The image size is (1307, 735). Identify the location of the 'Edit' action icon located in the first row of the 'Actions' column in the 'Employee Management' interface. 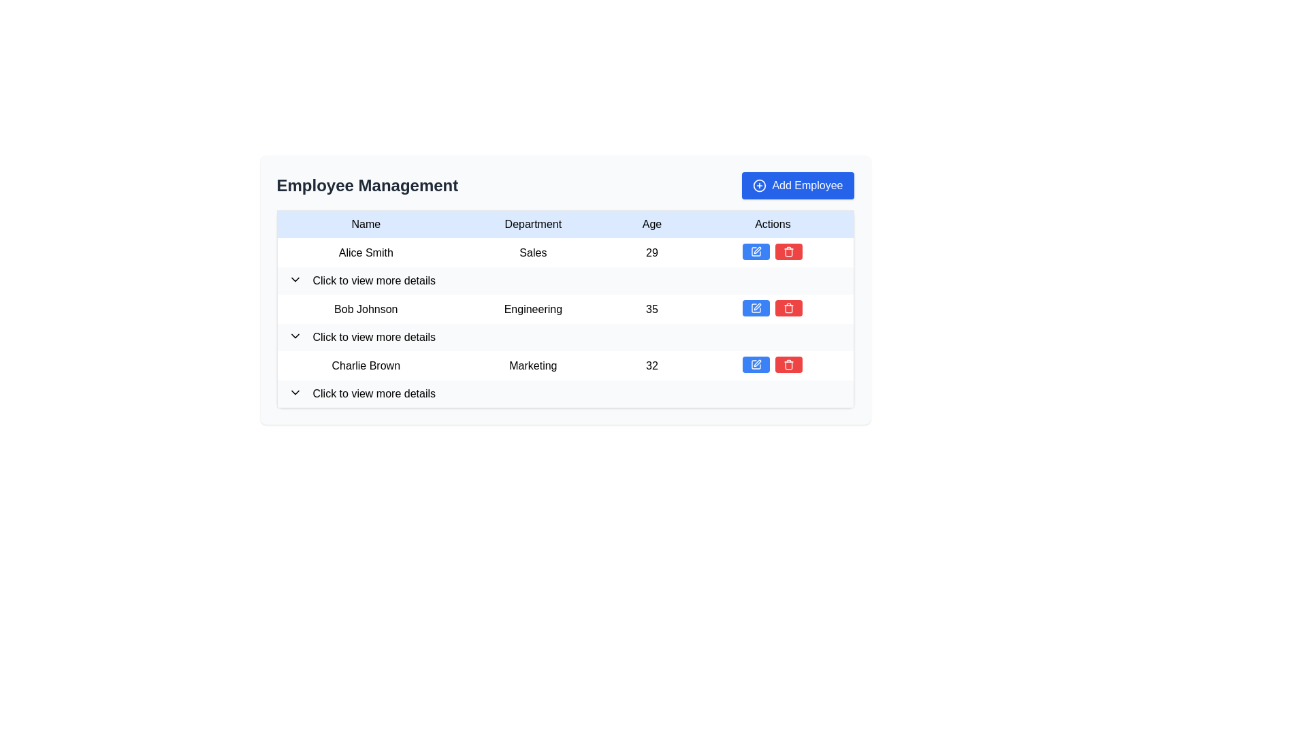
(756, 252).